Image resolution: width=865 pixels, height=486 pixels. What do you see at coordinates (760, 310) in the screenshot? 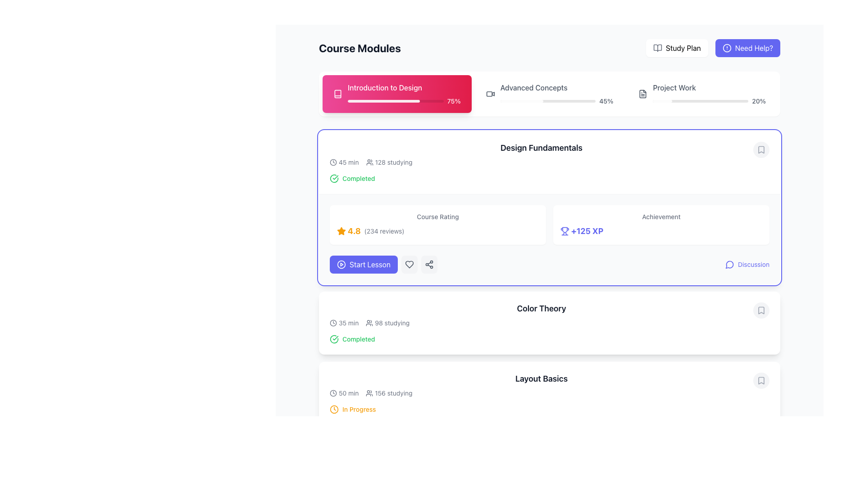
I see `the gray bookmark-shaped icon within the 'Color Theory' section of the course card to bookmark the course` at bounding box center [760, 310].